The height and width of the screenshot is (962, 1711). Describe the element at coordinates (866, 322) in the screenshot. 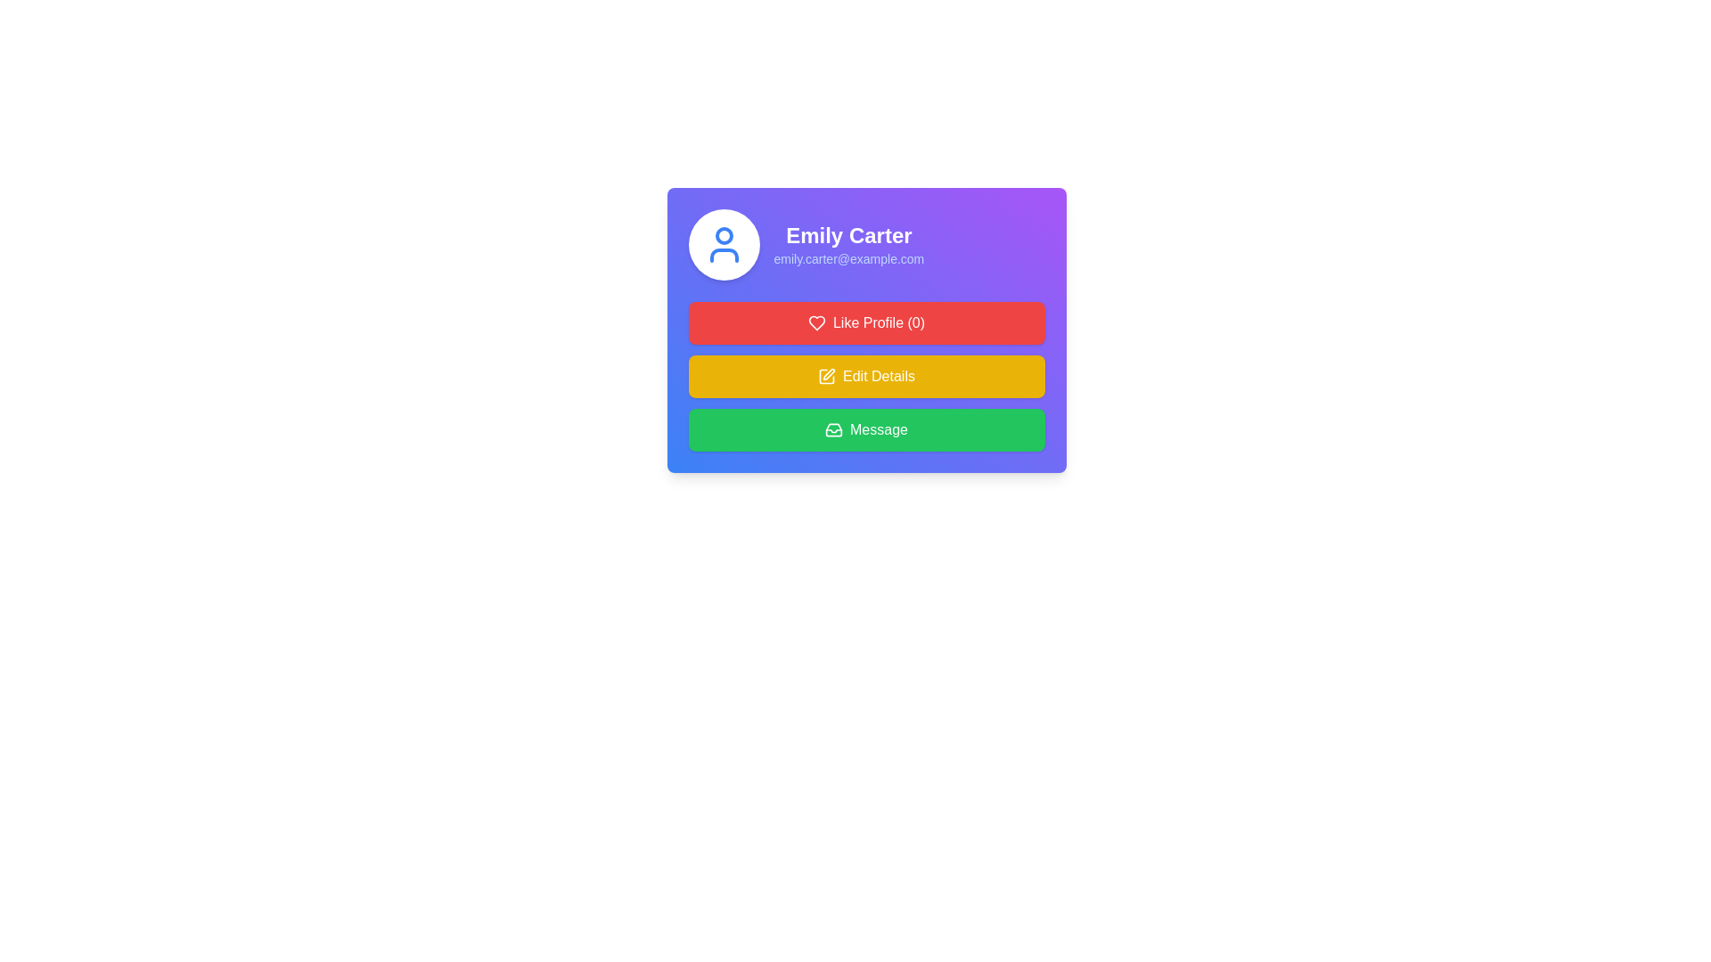

I see `the red button labeled 'Like Profile (0)' with a heart icon to like the profile, located directly below the user's profile information` at that location.